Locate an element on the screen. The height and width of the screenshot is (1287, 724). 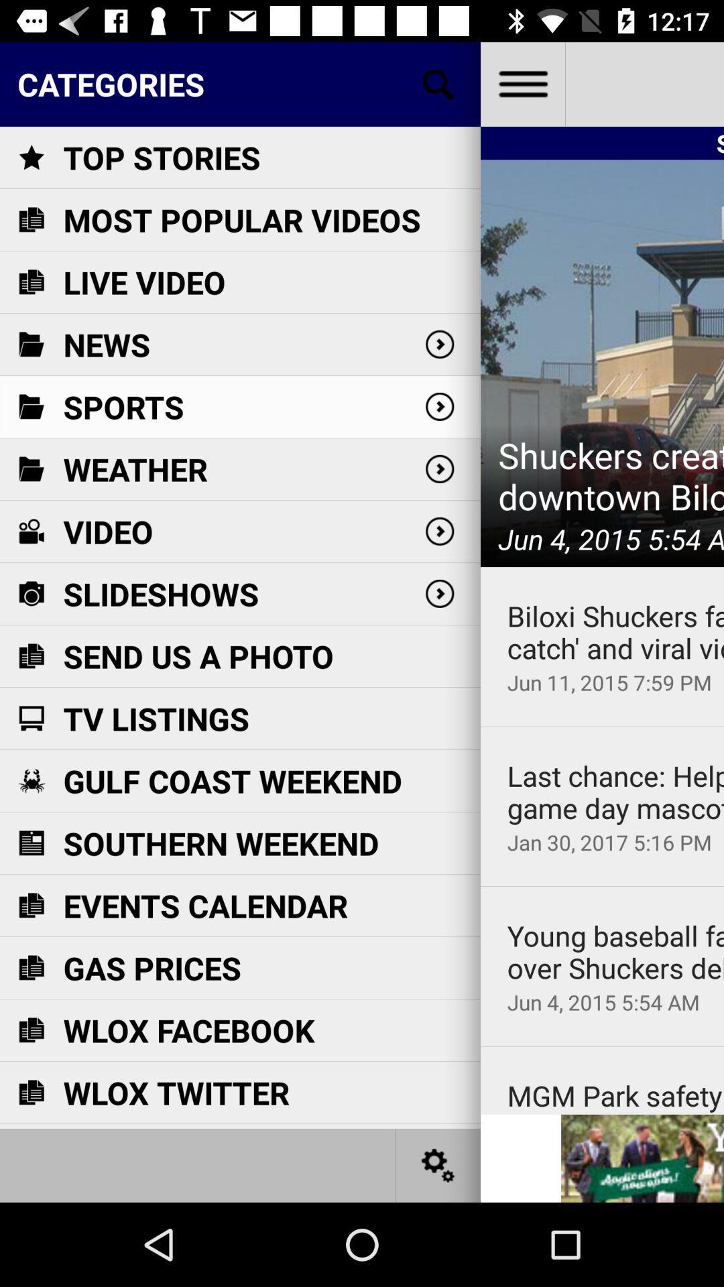
the fourth from top under categories is located at coordinates (439, 530).